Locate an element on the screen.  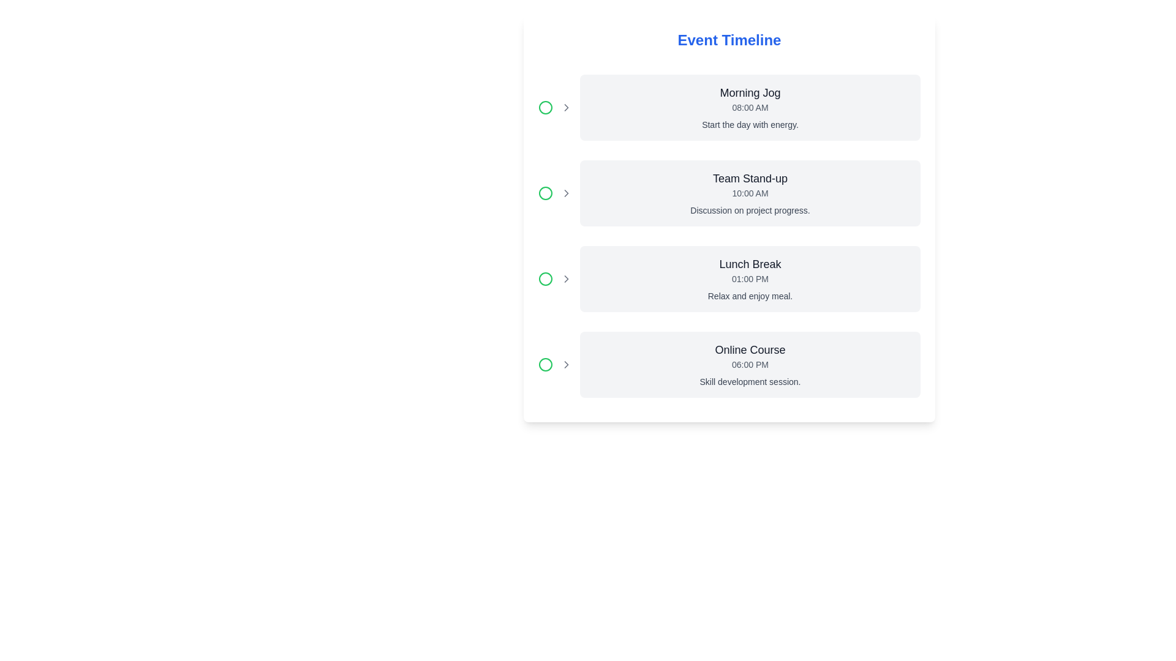
the circular icon that visually indicates the status of the scheduled event for 'Online Course', located in the fourth row of the event timeline is located at coordinates (545, 364).